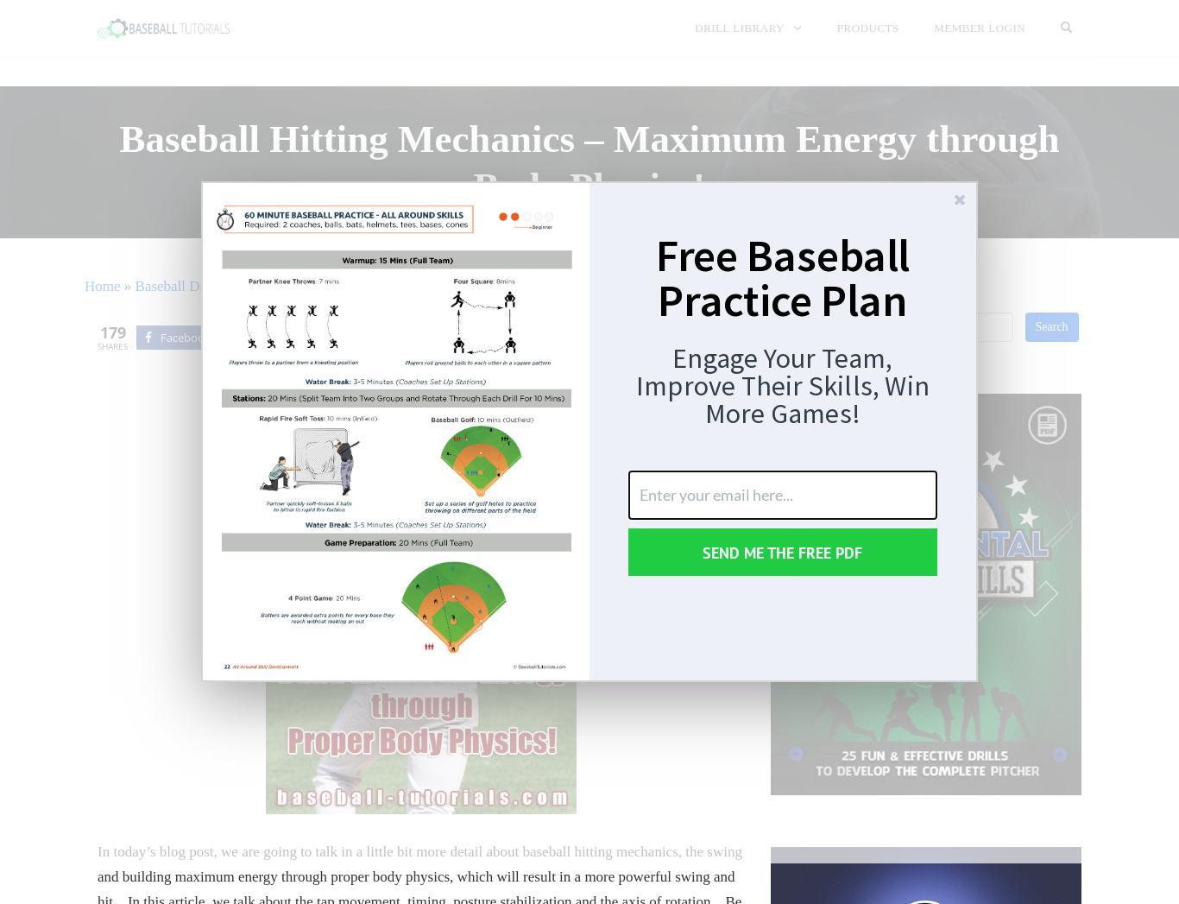 The height and width of the screenshot is (904, 1179). Describe the element at coordinates (240, 336) in the screenshot. I see `'87'` at that location.